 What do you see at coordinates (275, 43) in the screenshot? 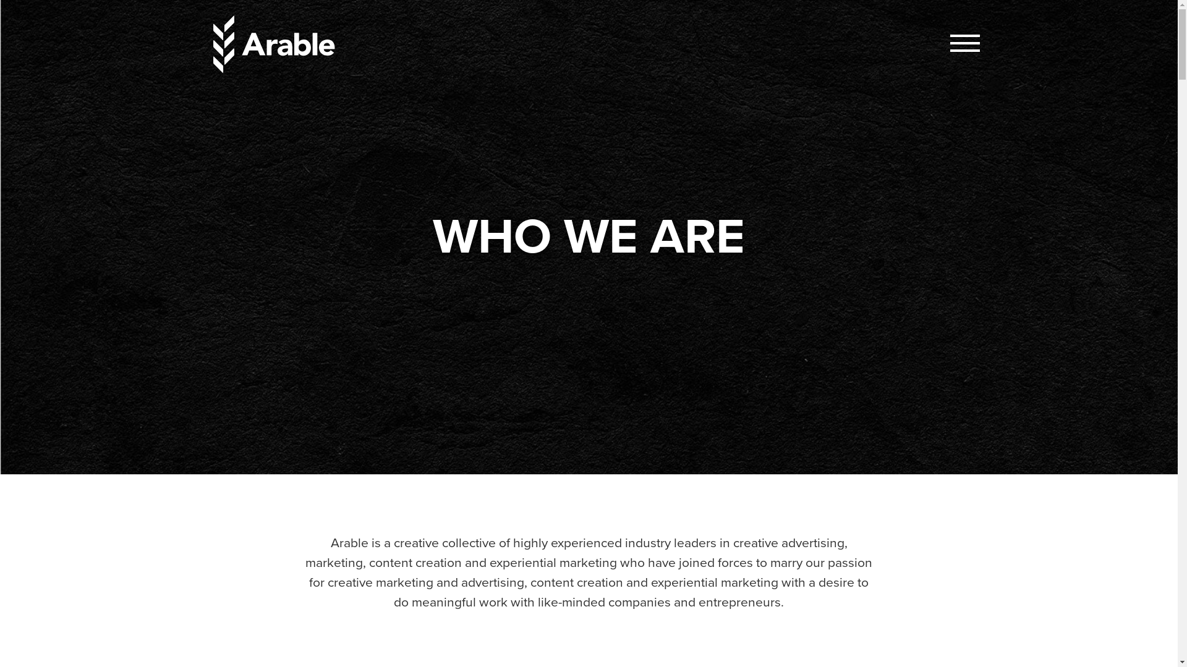
I see `'Return Home'` at bounding box center [275, 43].